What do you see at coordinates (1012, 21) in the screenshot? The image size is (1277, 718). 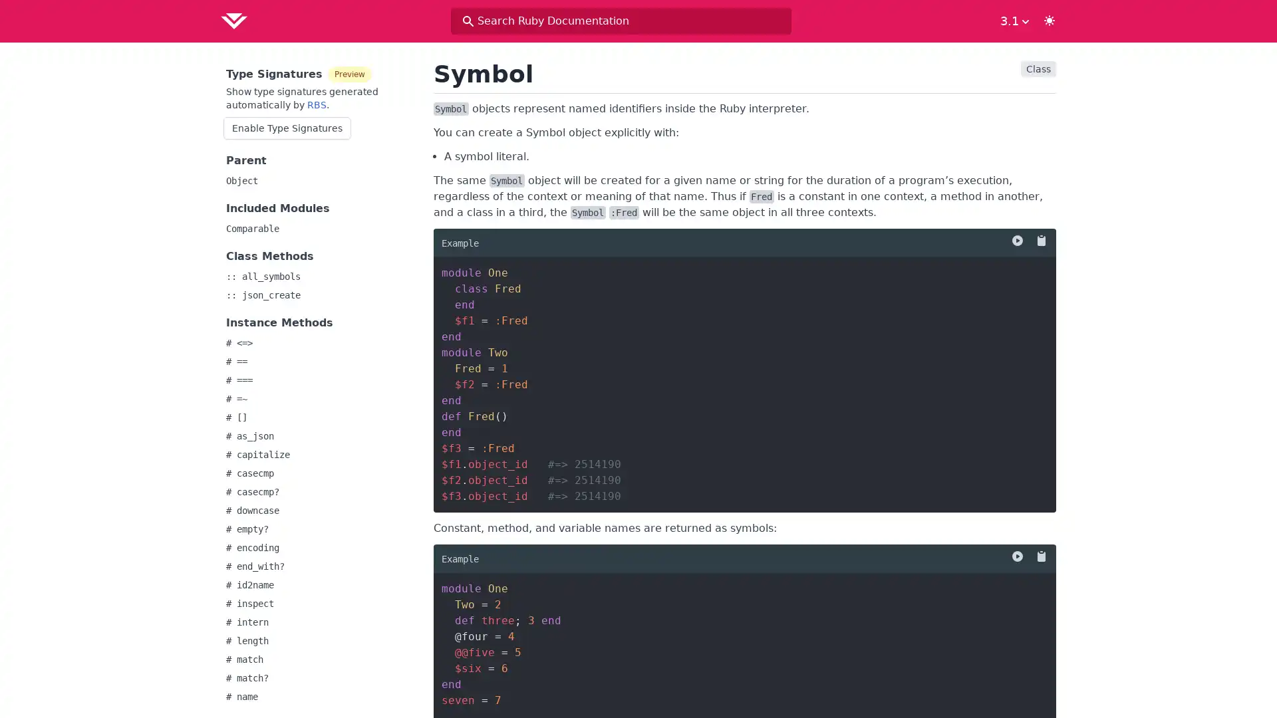 I see `Show github links` at bounding box center [1012, 21].